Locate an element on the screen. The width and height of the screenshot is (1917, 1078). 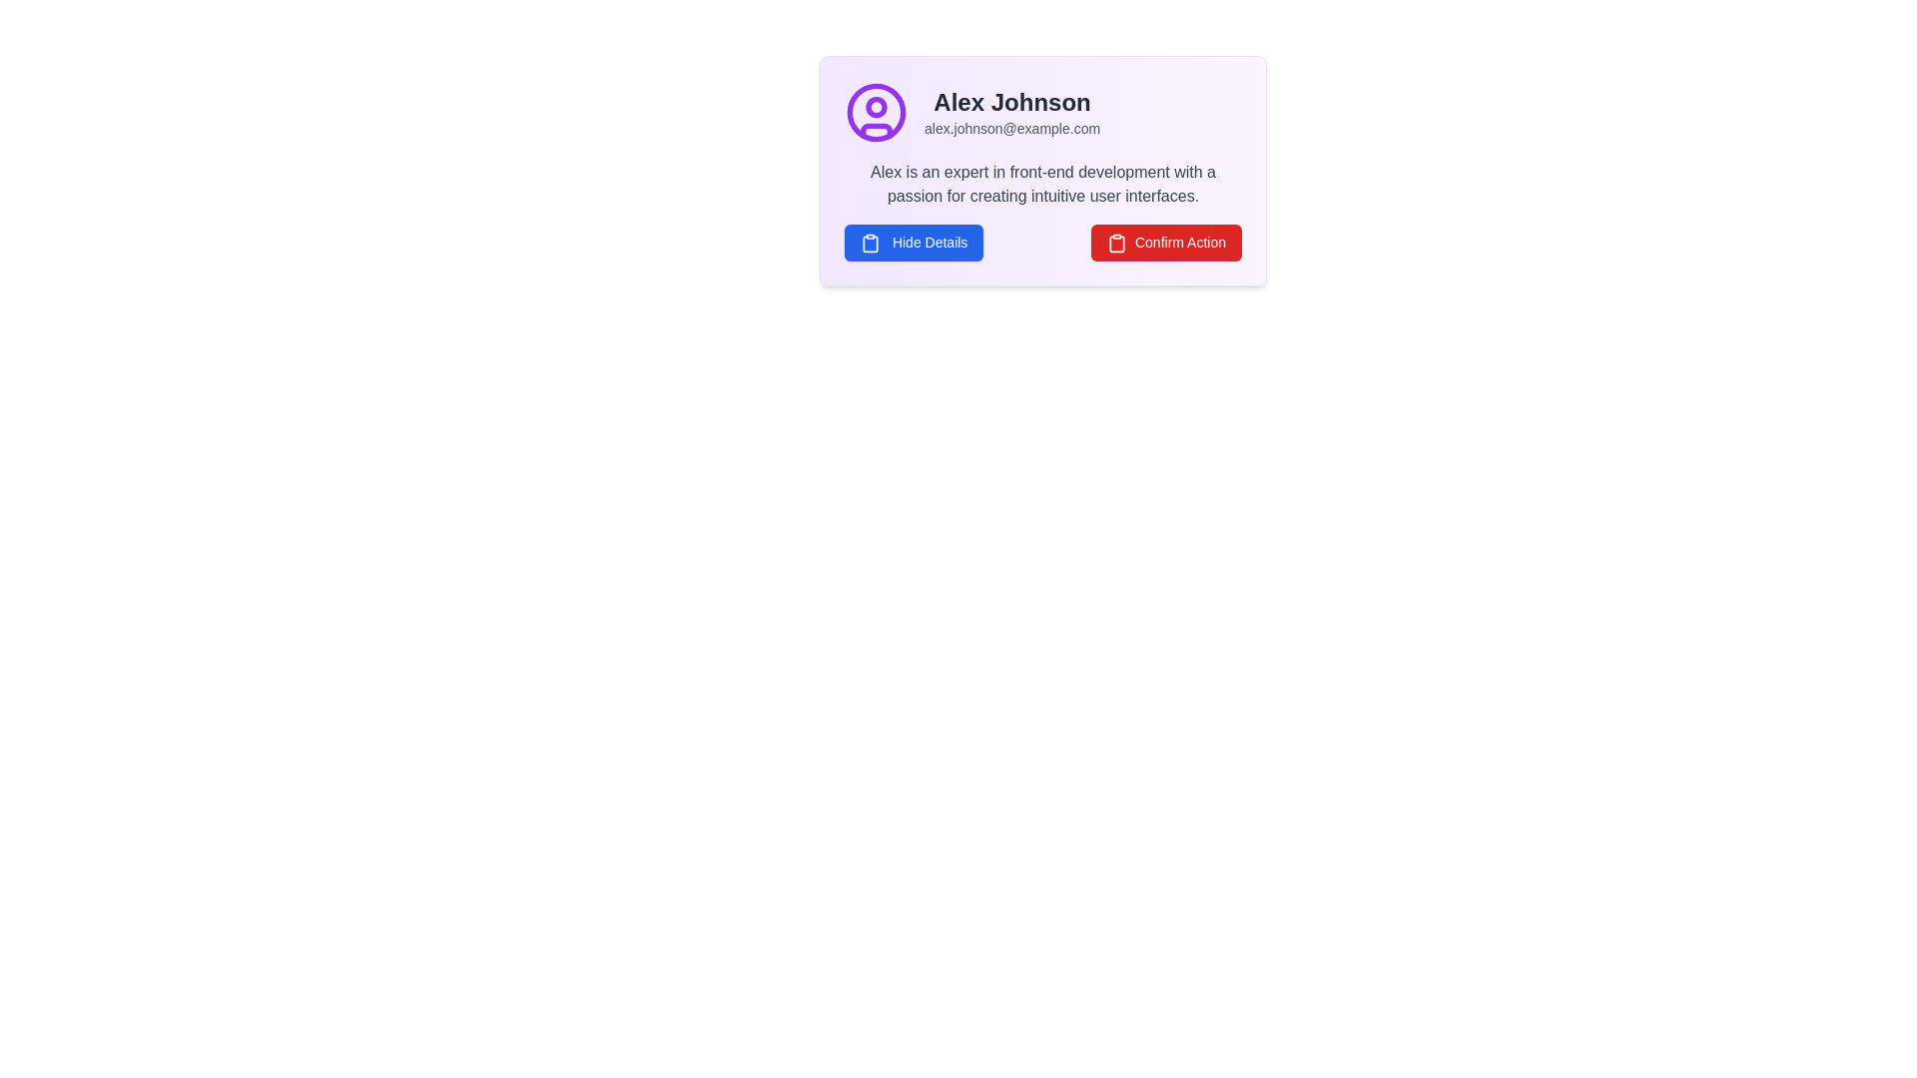
the static text element displaying the email address associated with the profile, which is located directly below the name 'Alex Johnson' is located at coordinates (1012, 128).